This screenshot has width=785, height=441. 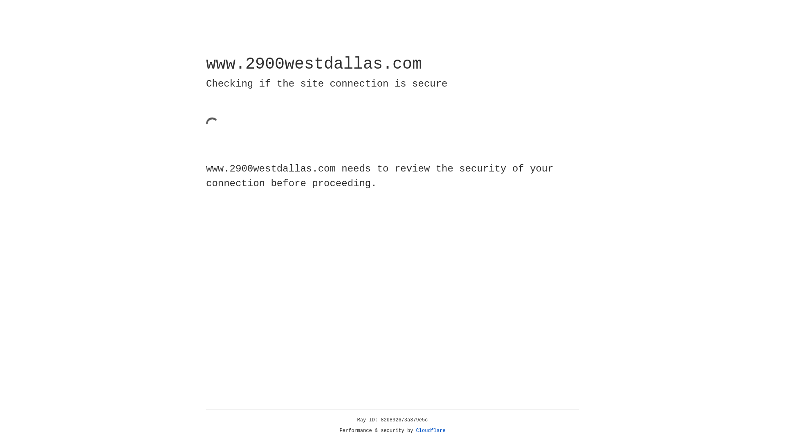 What do you see at coordinates (431, 430) in the screenshot?
I see `'Cloudflare'` at bounding box center [431, 430].